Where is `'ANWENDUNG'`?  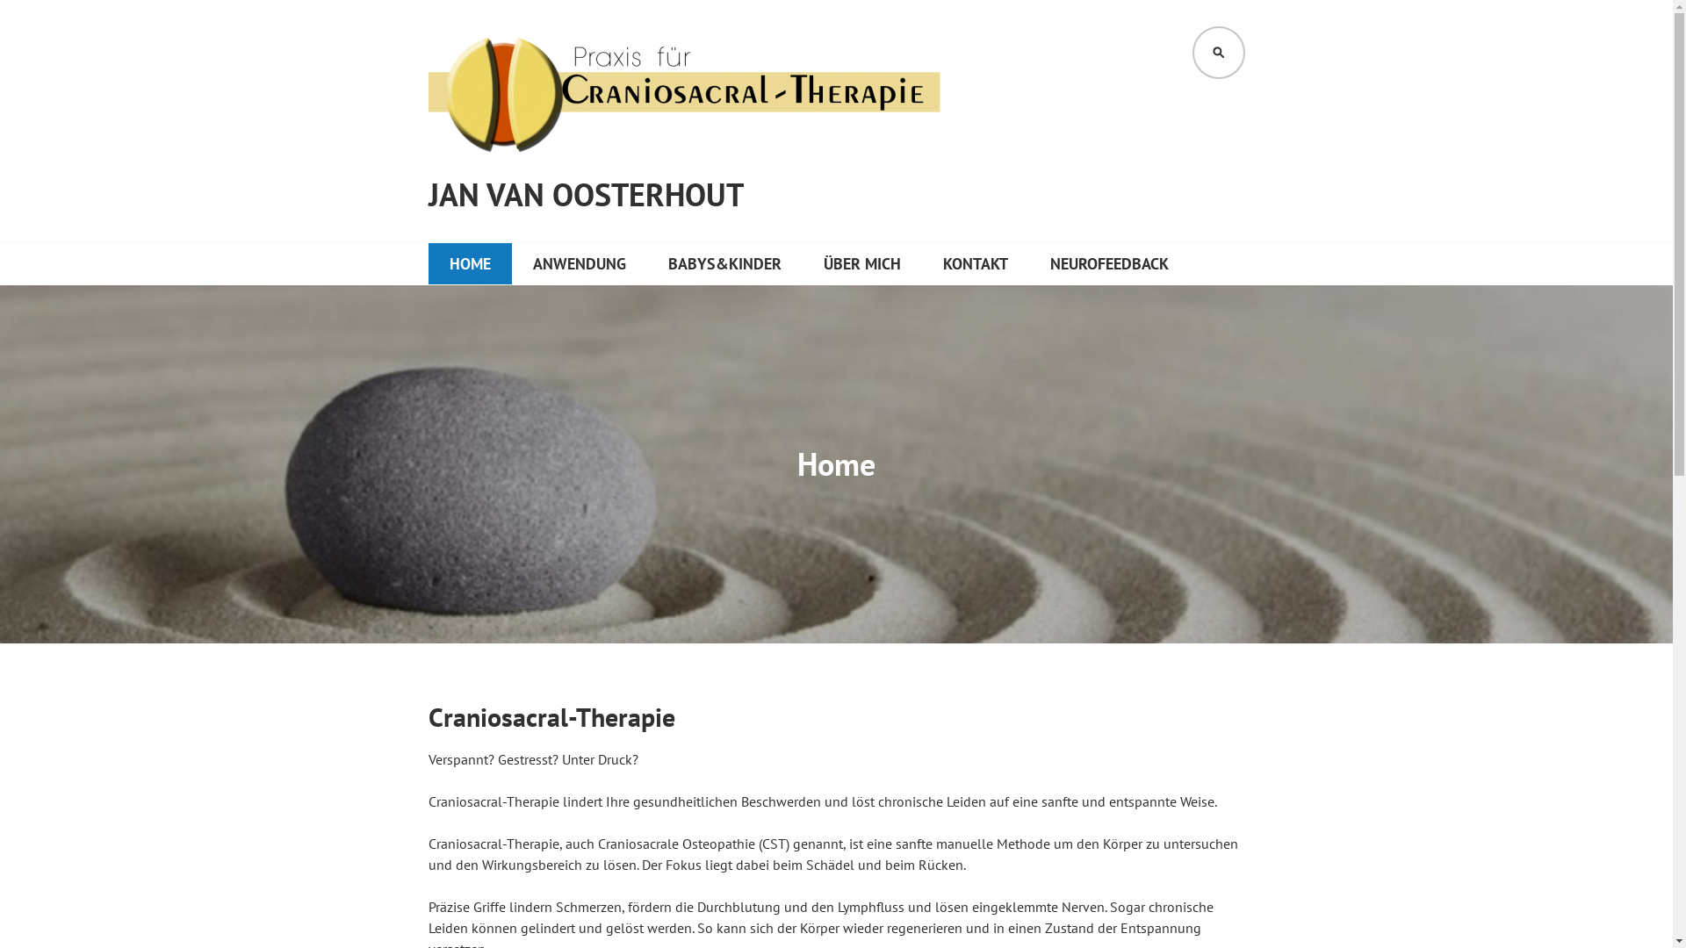
'ANWENDUNG' is located at coordinates (578, 263).